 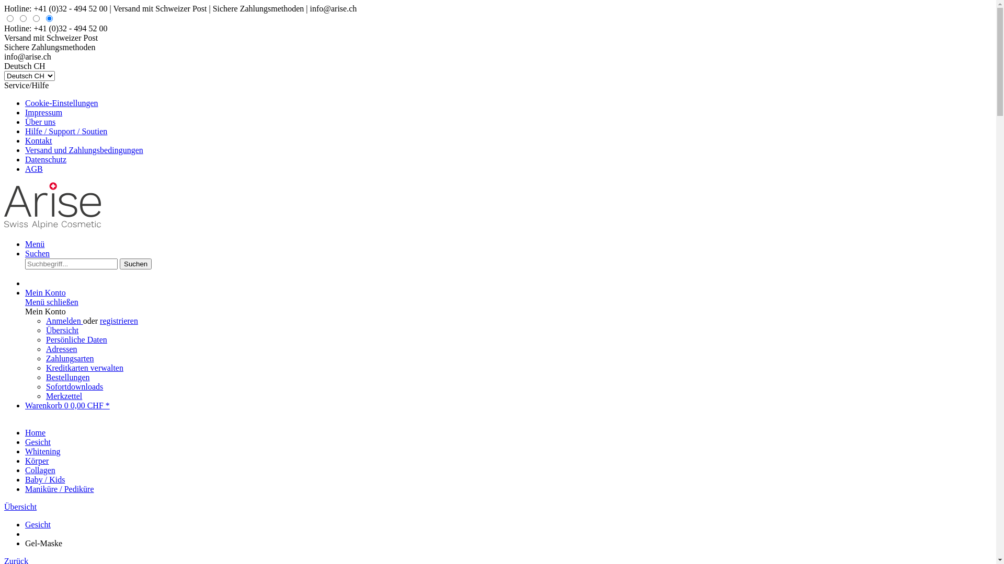 What do you see at coordinates (35, 432) in the screenshot?
I see `'Home'` at bounding box center [35, 432].